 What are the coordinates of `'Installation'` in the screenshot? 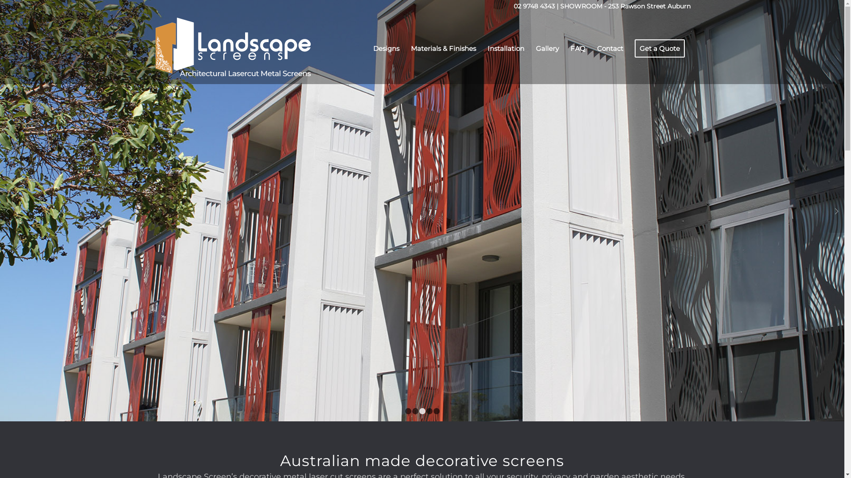 It's located at (505, 49).